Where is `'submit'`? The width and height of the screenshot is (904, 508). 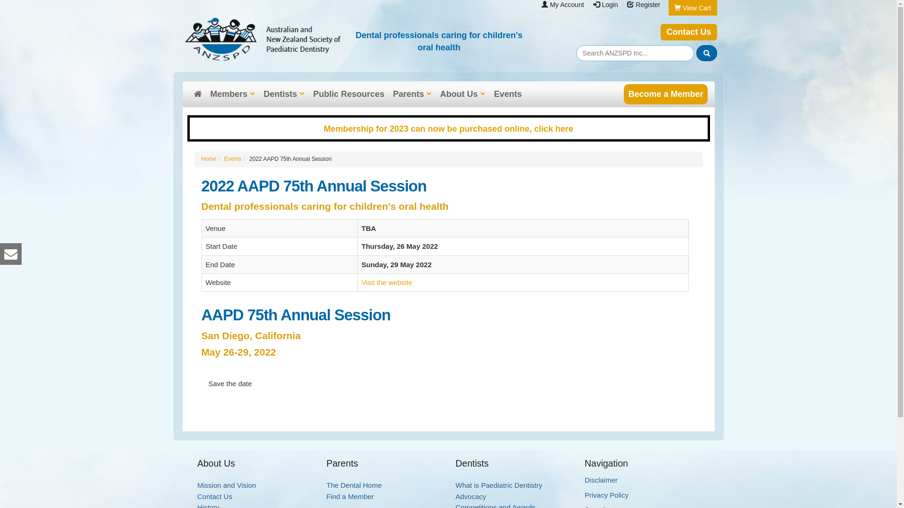 'submit' is located at coordinates (696, 53).